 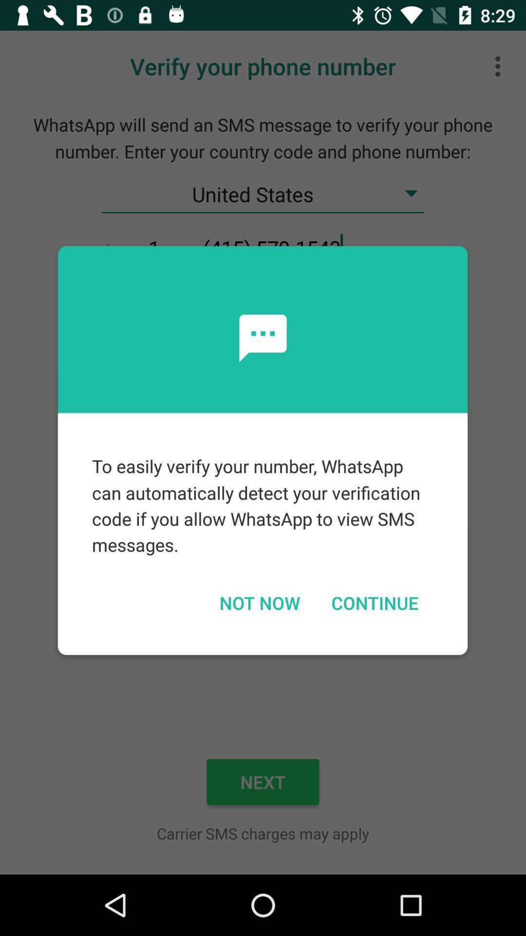 I want to click on icon to the right of not now icon, so click(x=374, y=602).